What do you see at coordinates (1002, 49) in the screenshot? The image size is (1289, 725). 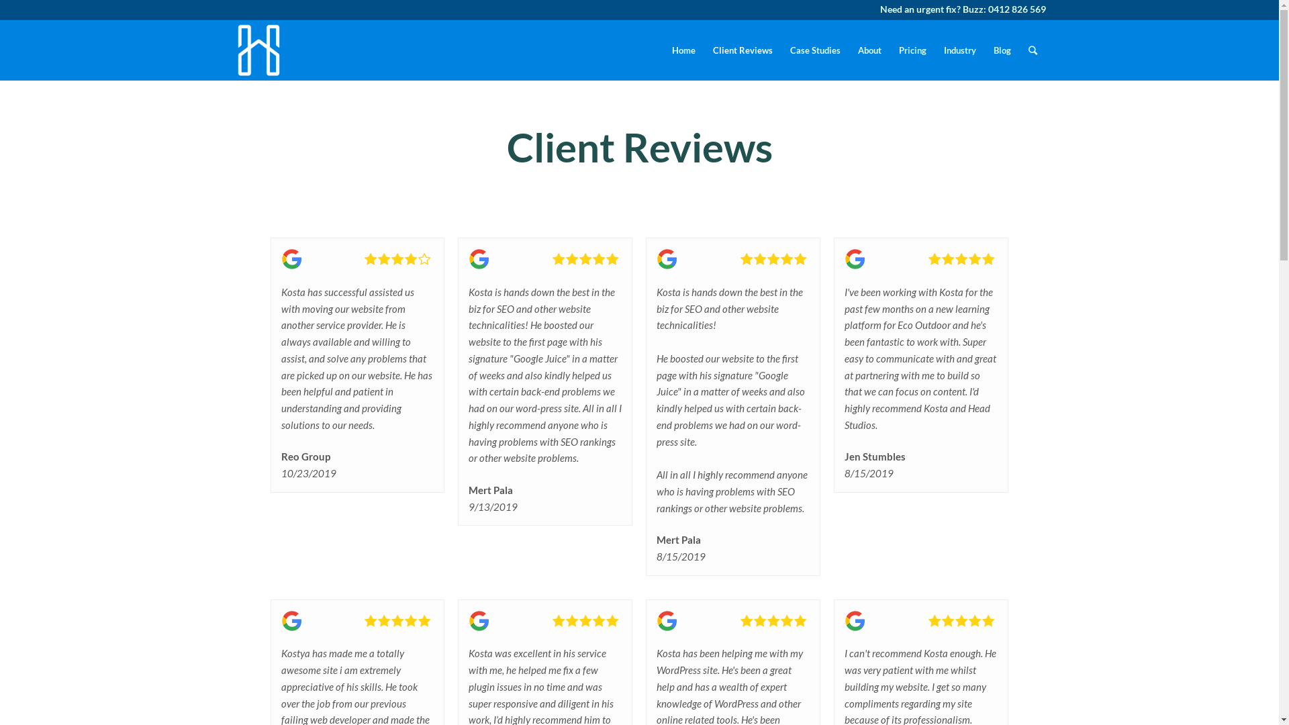 I see `'Blog'` at bounding box center [1002, 49].